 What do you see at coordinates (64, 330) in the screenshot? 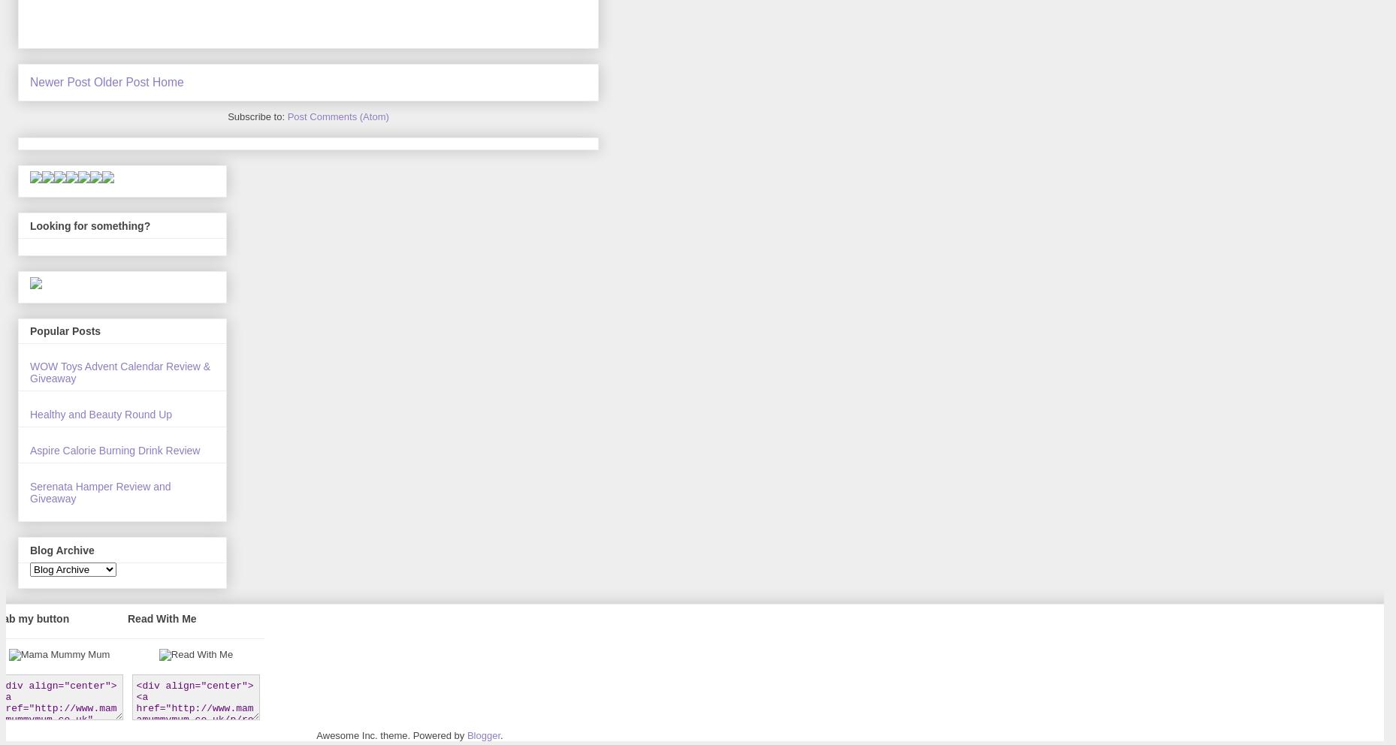
I see `'Popular Posts'` at bounding box center [64, 330].